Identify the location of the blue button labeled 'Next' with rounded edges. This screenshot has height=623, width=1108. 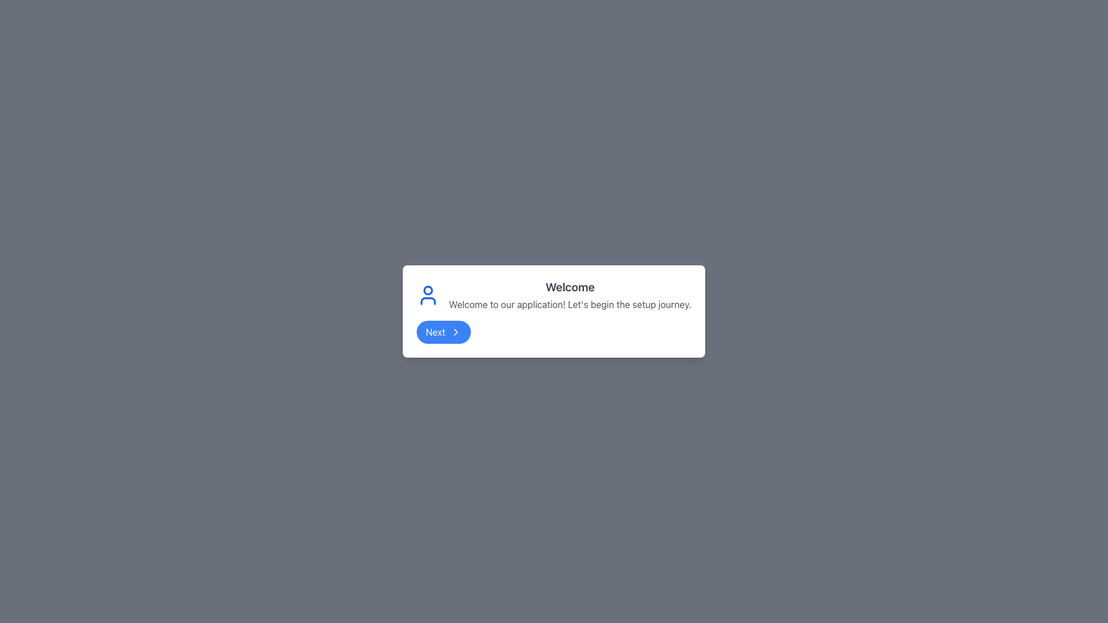
(443, 332).